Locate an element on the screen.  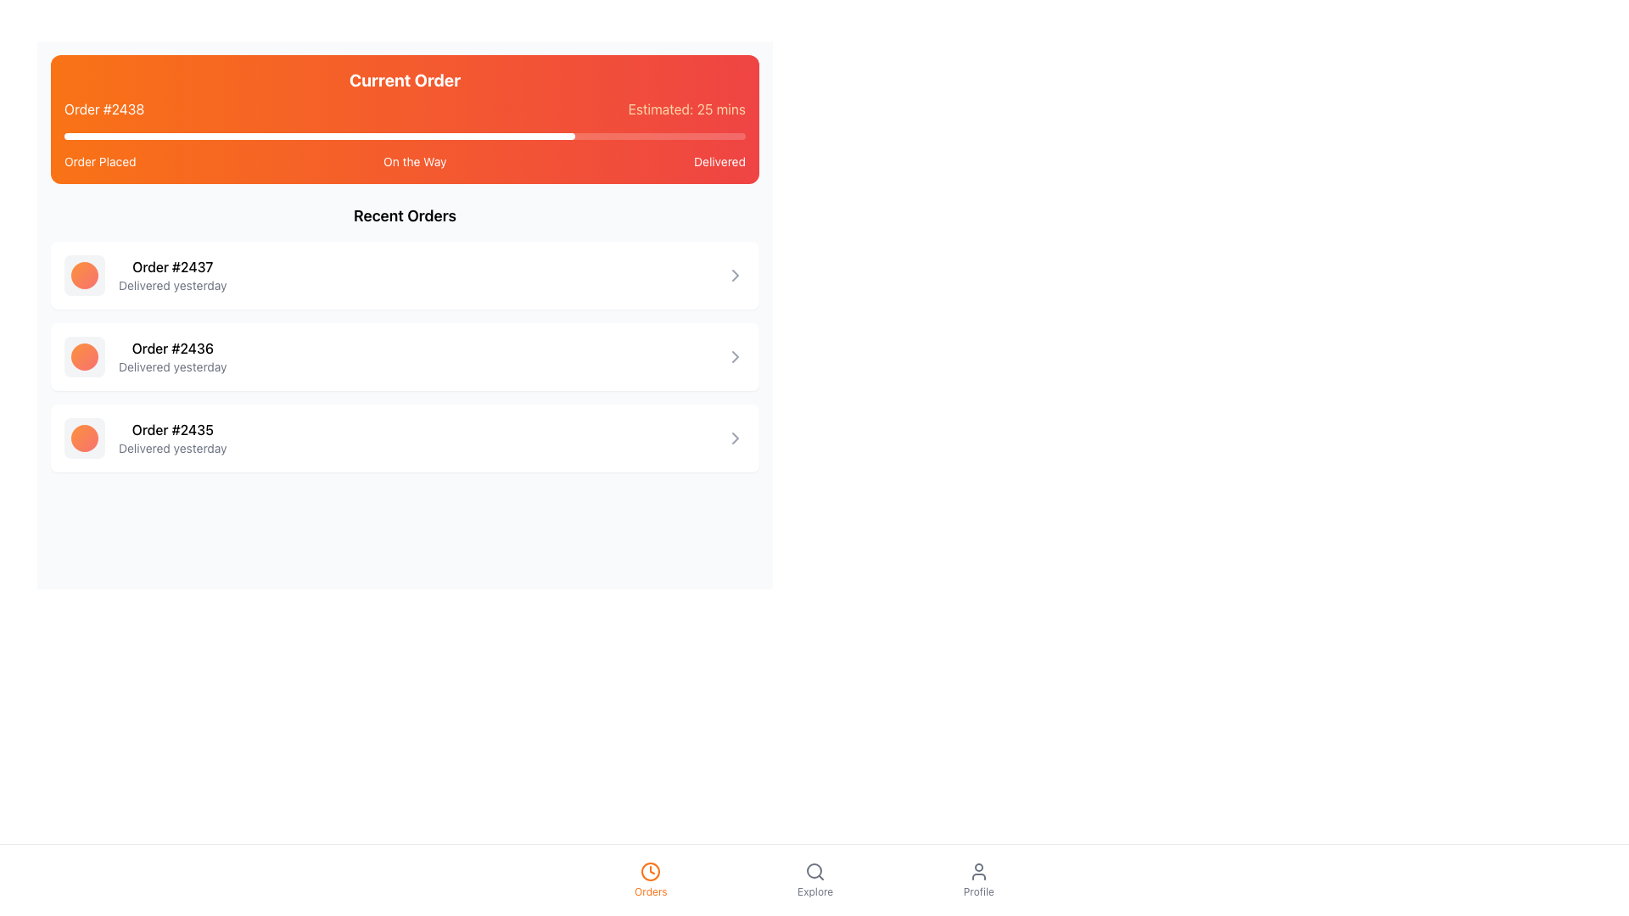
the 'Explore' text label located in the bottom navigation bar, which provides context for the associated magnifying glass icon is located at coordinates (815, 891).